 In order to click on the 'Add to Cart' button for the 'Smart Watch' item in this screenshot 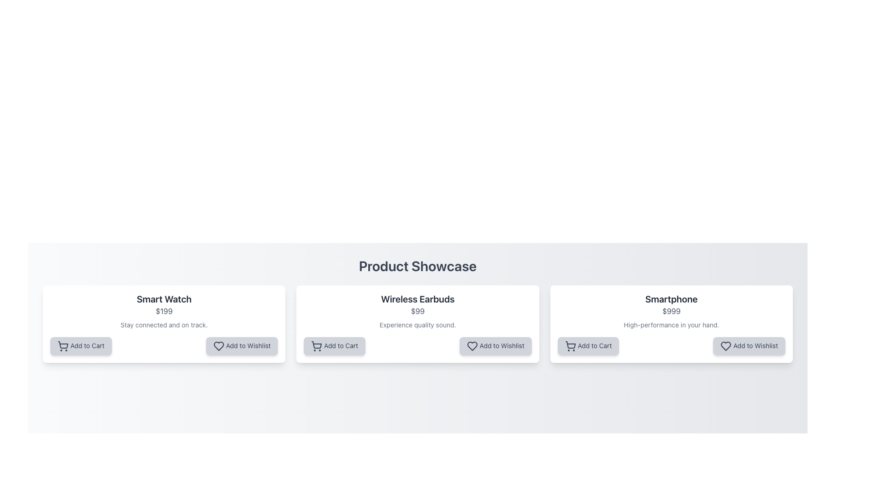, I will do `click(81, 346)`.